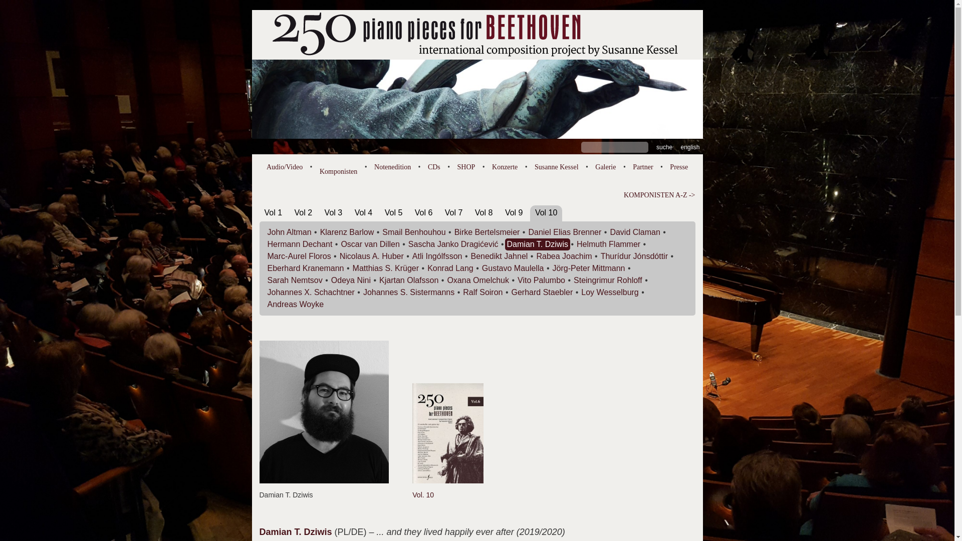  Describe the element at coordinates (487, 232) in the screenshot. I see `'Birke Bertelsmeier'` at that location.